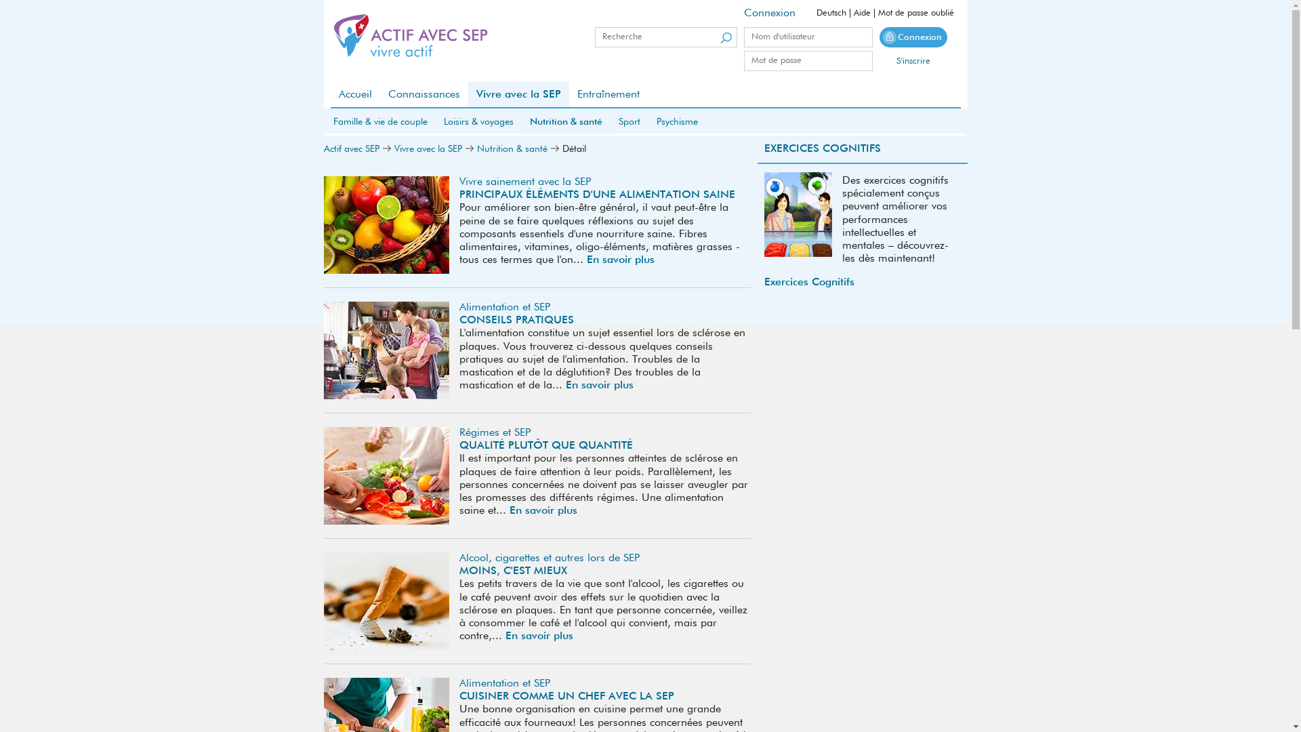 The width and height of the screenshot is (1301, 732). What do you see at coordinates (757, 216) in the screenshot?
I see `'Aufmerksamkeit'` at bounding box center [757, 216].